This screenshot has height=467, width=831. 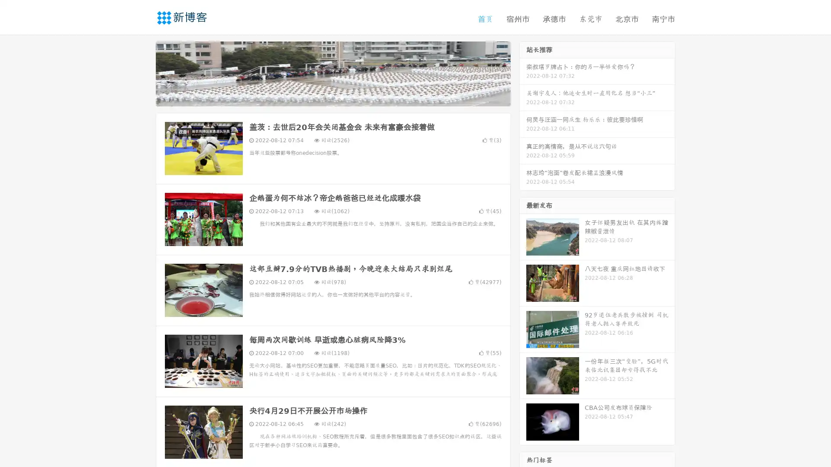 What do you see at coordinates (143, 73) in the screenshot?
I see `Previous slide` at bounding box center [143, 73].